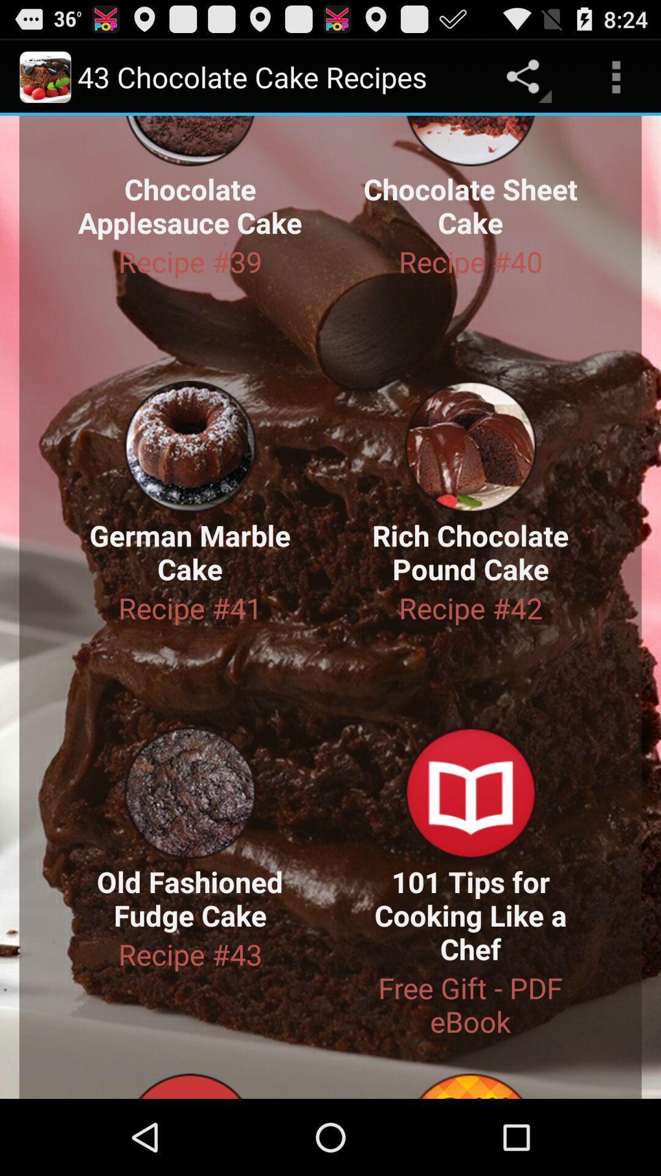 The width and height of the screenshot is (661, 1176). Describe the element at coordinates (525, 76) in the screenshot. I see `the icon which is right side of 43 chocolate cake recipes` at that location.